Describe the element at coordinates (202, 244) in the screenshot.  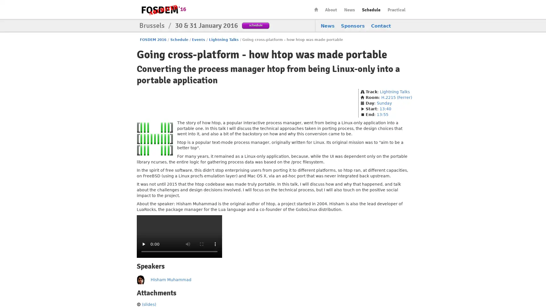
I see `enter full screen` at that location.